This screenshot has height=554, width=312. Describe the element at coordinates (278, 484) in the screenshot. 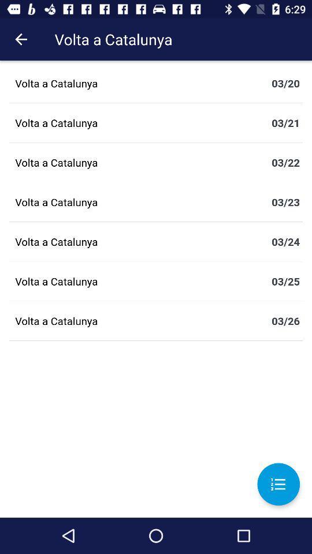

I see `the item at the bottom right corner` at that location.